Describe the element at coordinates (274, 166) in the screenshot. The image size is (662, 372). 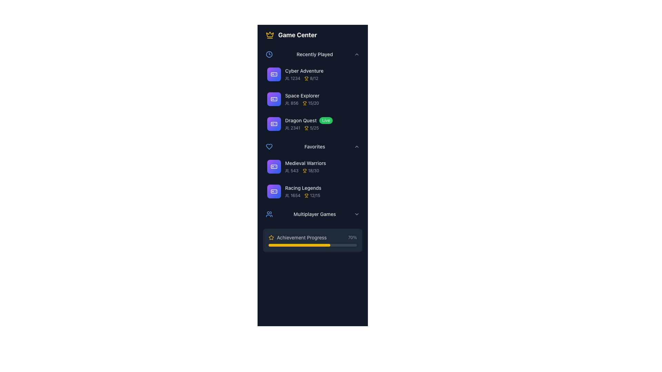
I see `the Decorative Icon representing the 'Medieval Warriors' game located in the 'Favorites' section of the game list interface` at that location.